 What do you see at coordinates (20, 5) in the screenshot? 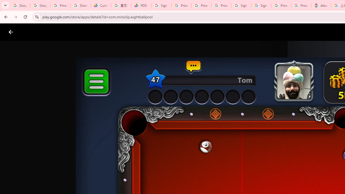
I see `'Google Workspace Admin Community'` at bounding box center [20, 5].